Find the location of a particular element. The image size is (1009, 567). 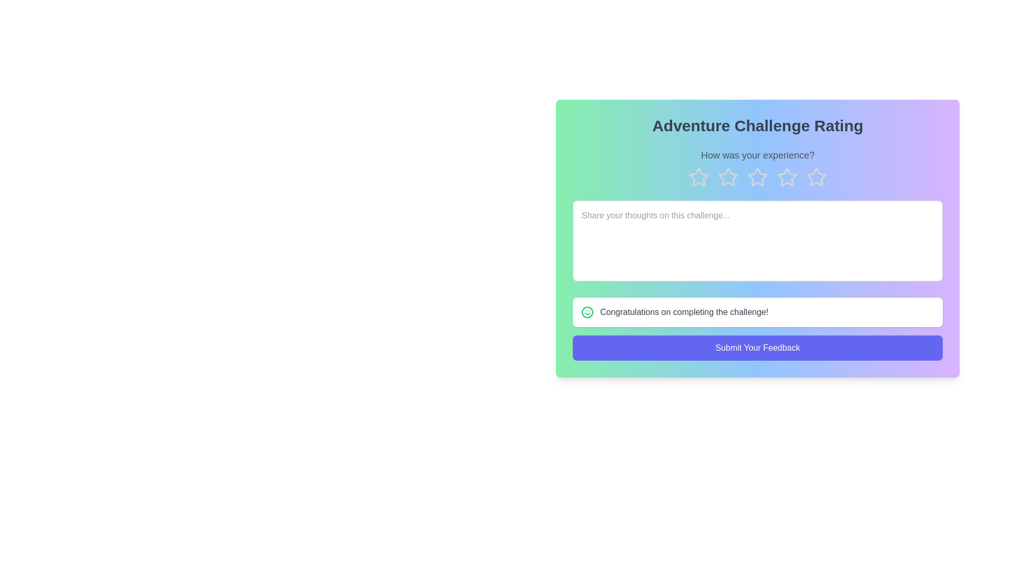

the circular outline icon with a smiling face design, which is positioned to the left of the congratulatory message 'Congratulations on completing the challenge!' is located at coordinates (587, 311).